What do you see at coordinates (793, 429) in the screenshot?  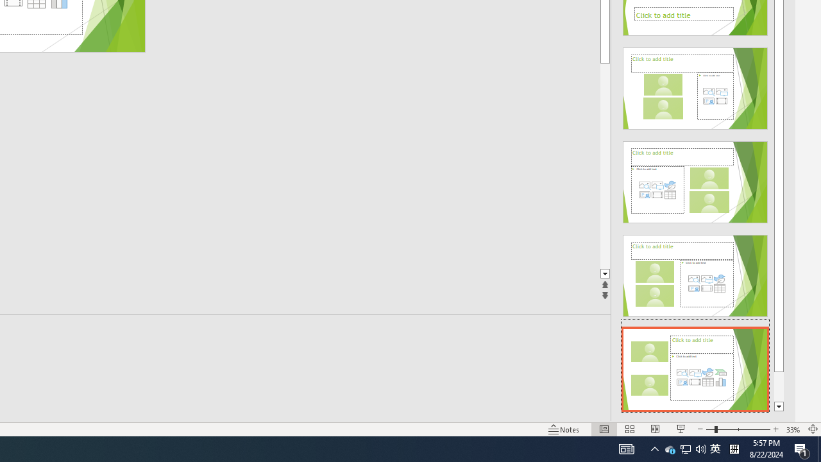 I see `'Zoom 33%'` at bounding box center [793, 429].